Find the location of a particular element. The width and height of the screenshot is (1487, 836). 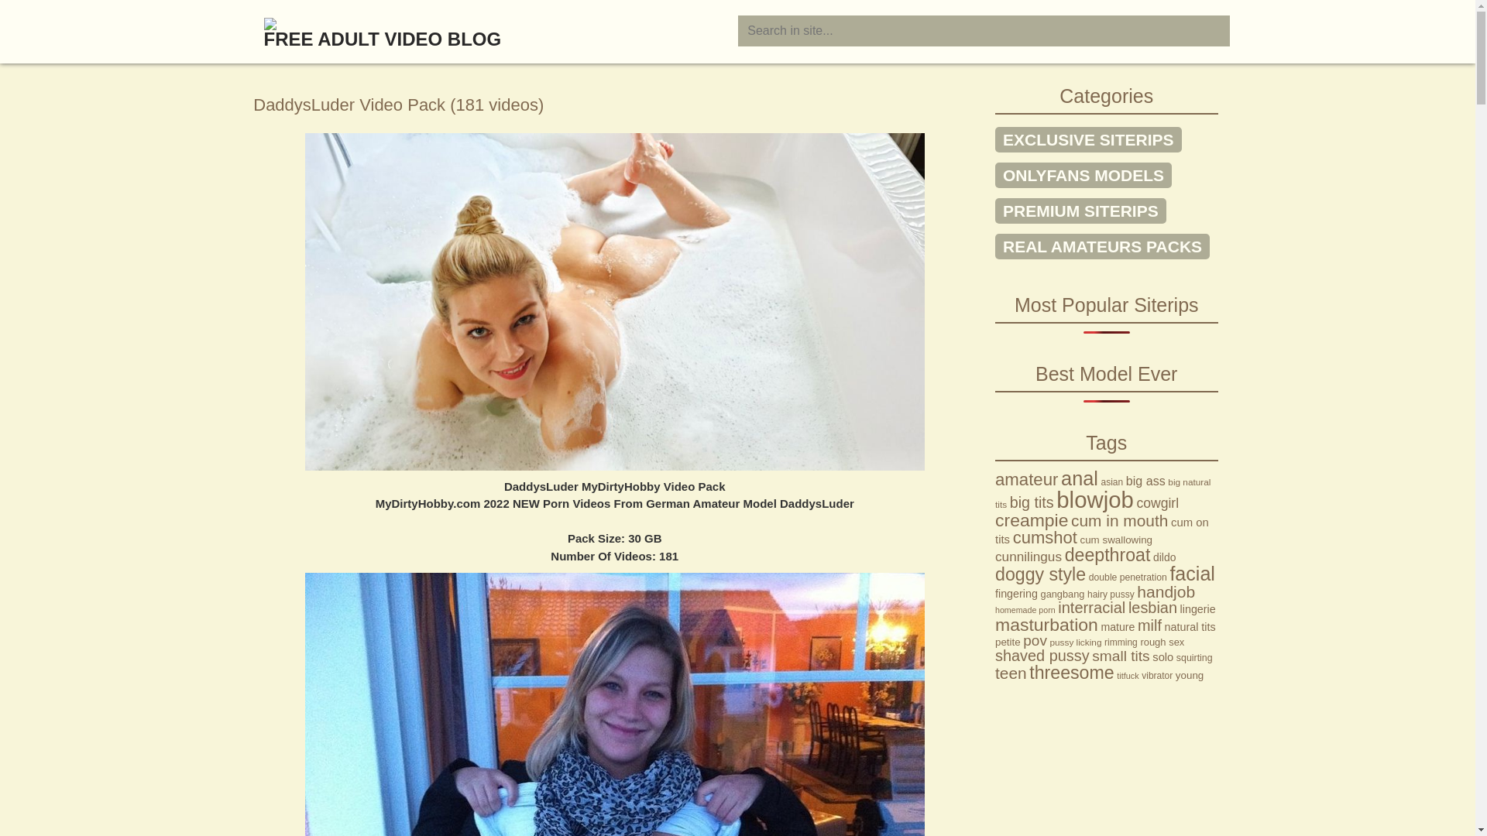

'gangbang' is located at coordinates (1062, 593).